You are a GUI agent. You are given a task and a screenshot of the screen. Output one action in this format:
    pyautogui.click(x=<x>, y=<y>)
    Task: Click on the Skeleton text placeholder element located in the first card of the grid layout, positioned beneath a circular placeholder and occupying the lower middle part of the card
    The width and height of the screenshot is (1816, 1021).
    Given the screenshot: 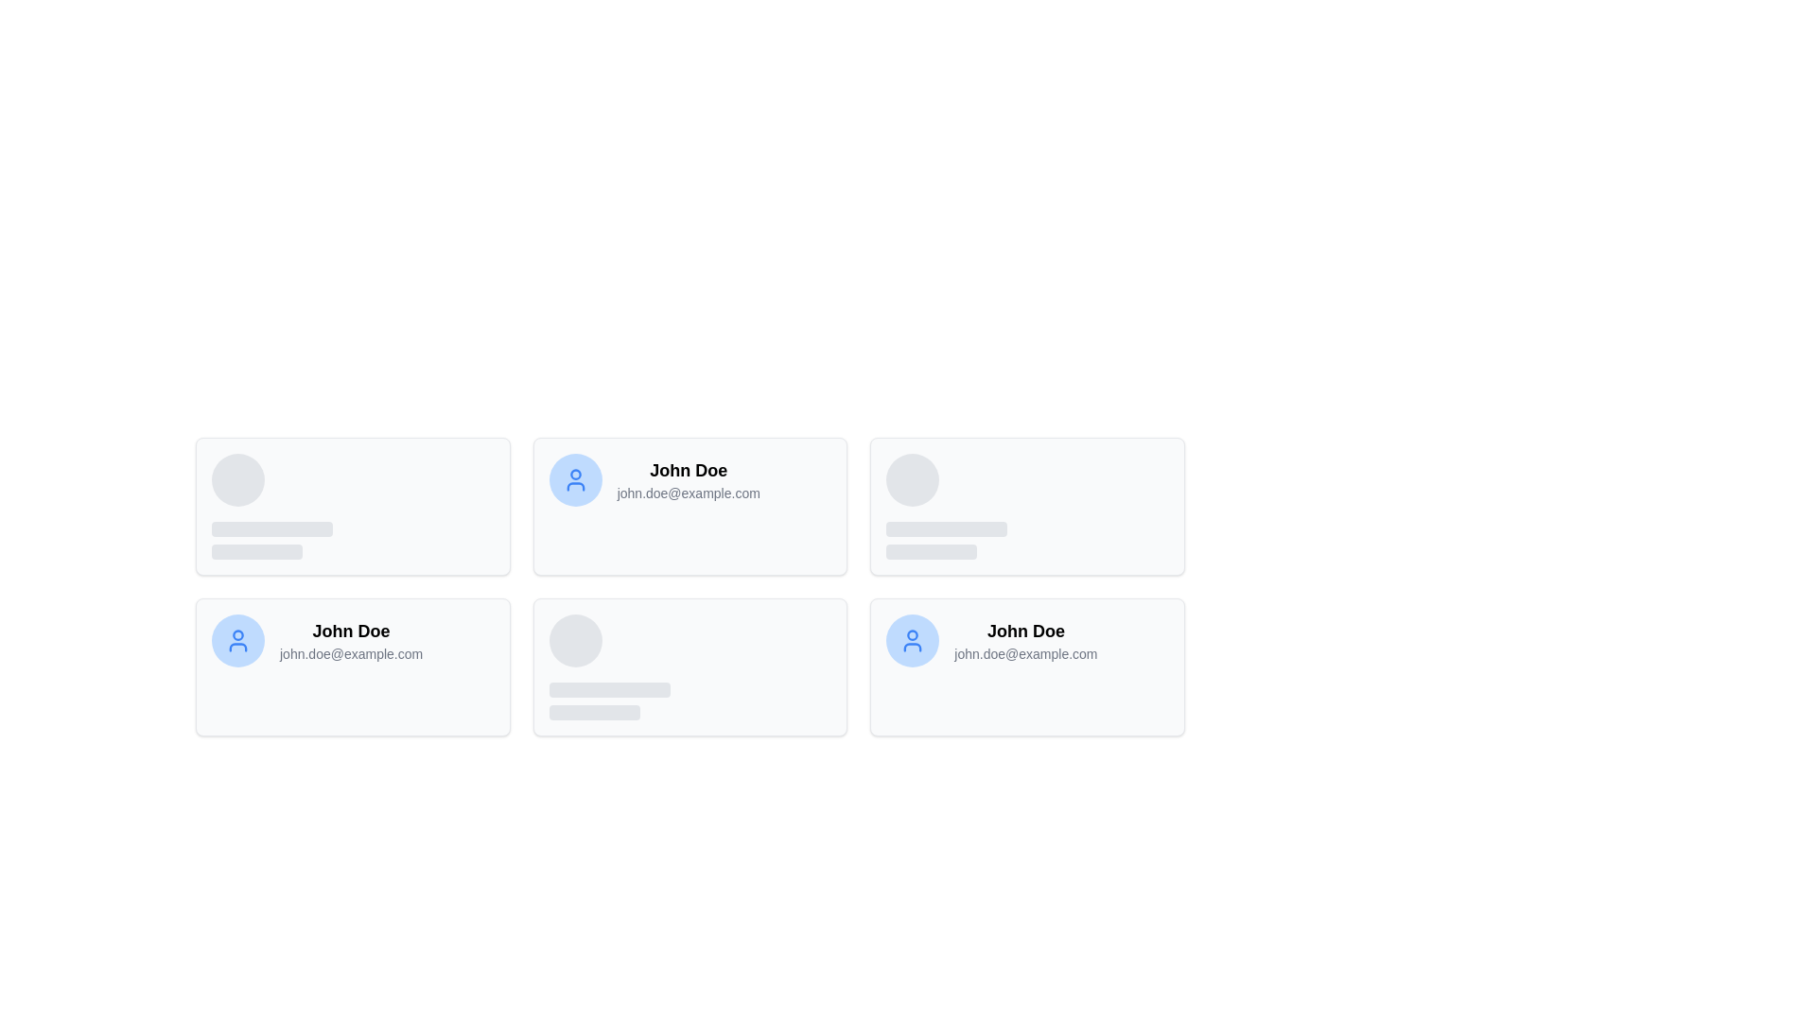 What is the action you would take?
    pyautogui.click(x=271, y=540)
    